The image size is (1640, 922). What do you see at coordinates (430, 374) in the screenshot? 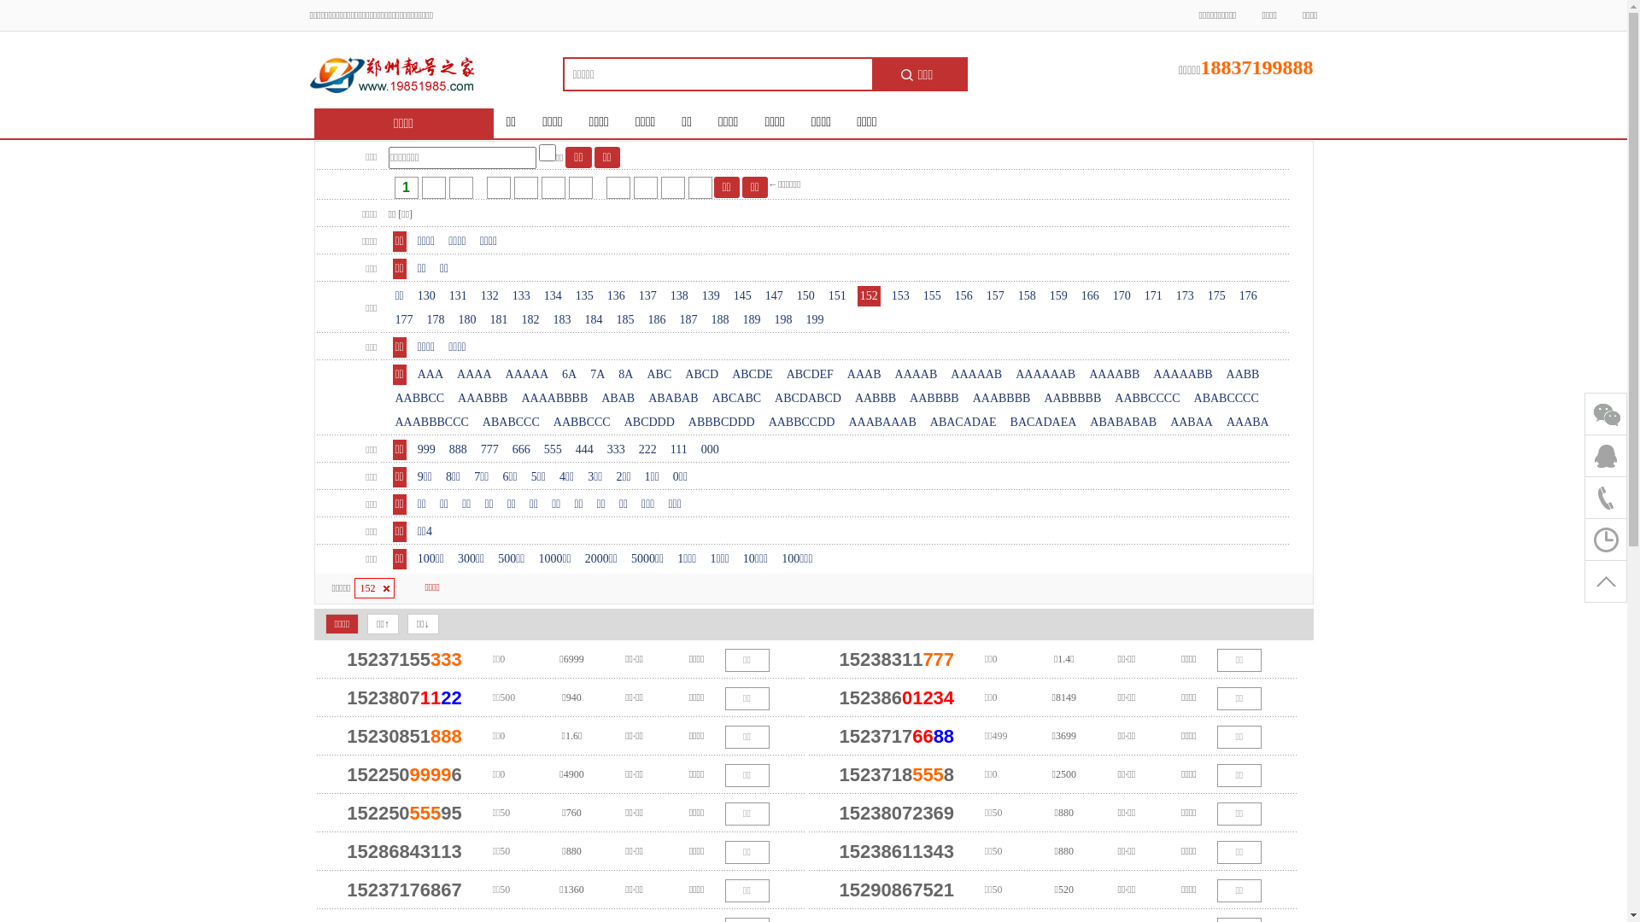
I see `'AAA'` at bounding box center [430, 374].